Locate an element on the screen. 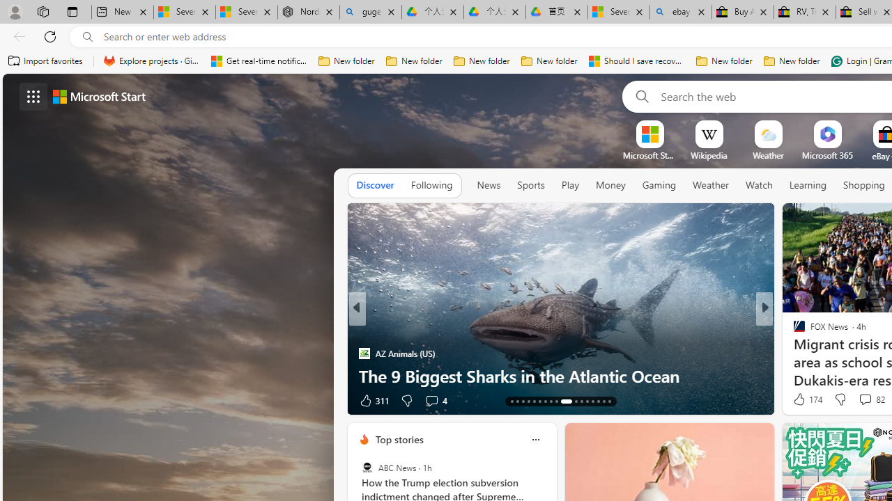 This screenshot has height=501, width=892. 'Play' is located at coordinates (570, 185).